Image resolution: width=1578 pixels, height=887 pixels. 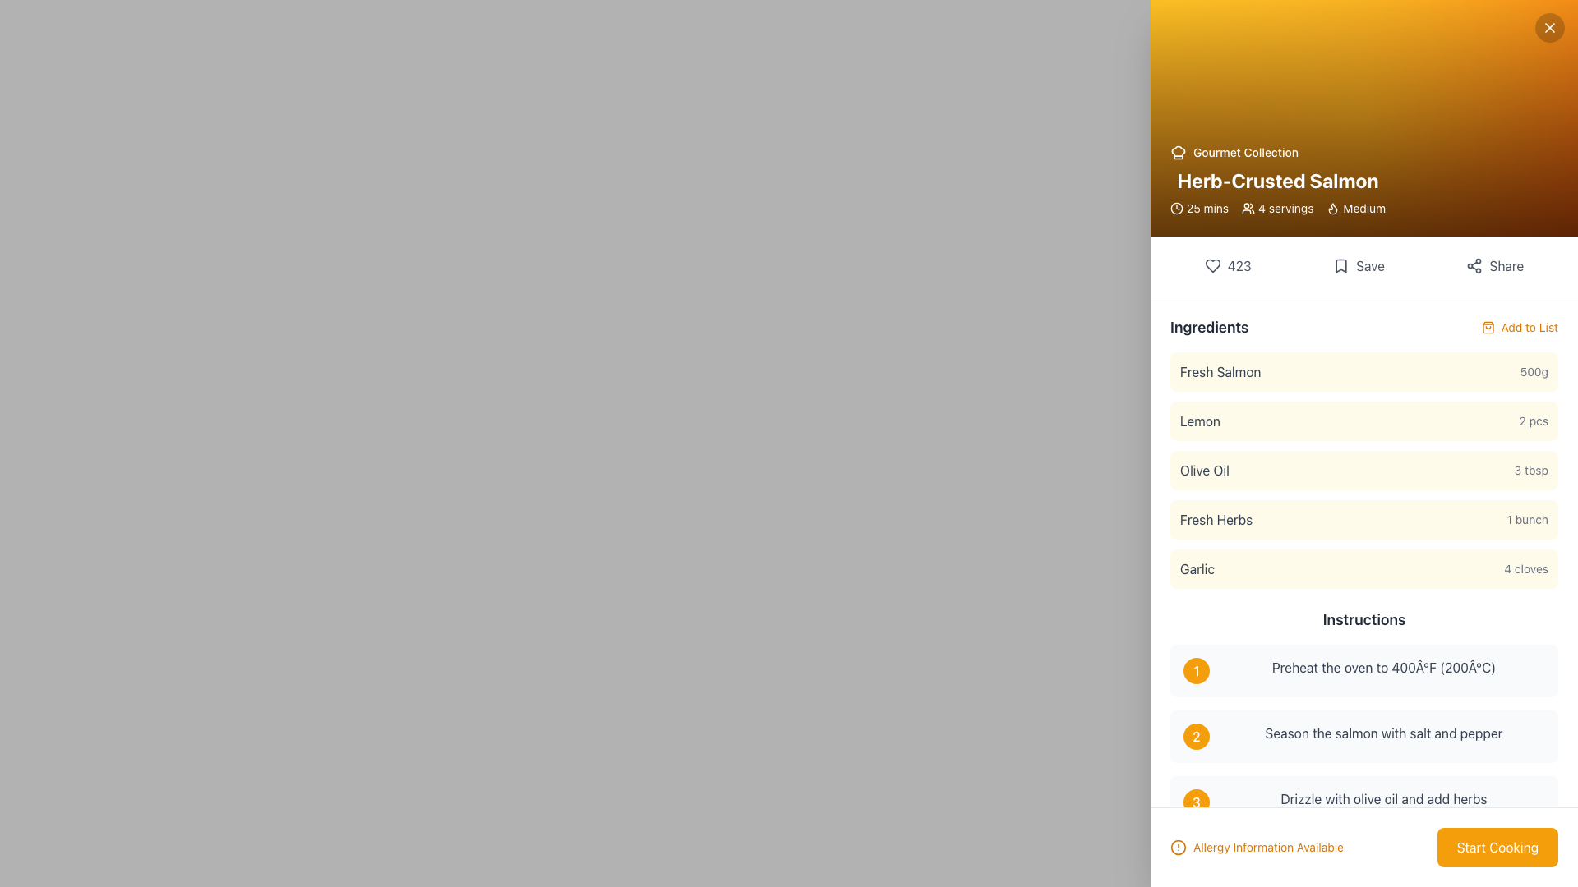 I want to click on the bookmark icon located at the top-right section of the interface, which is situated between a heart-shaped icon and a share icon, so click(x=1341, y=265).